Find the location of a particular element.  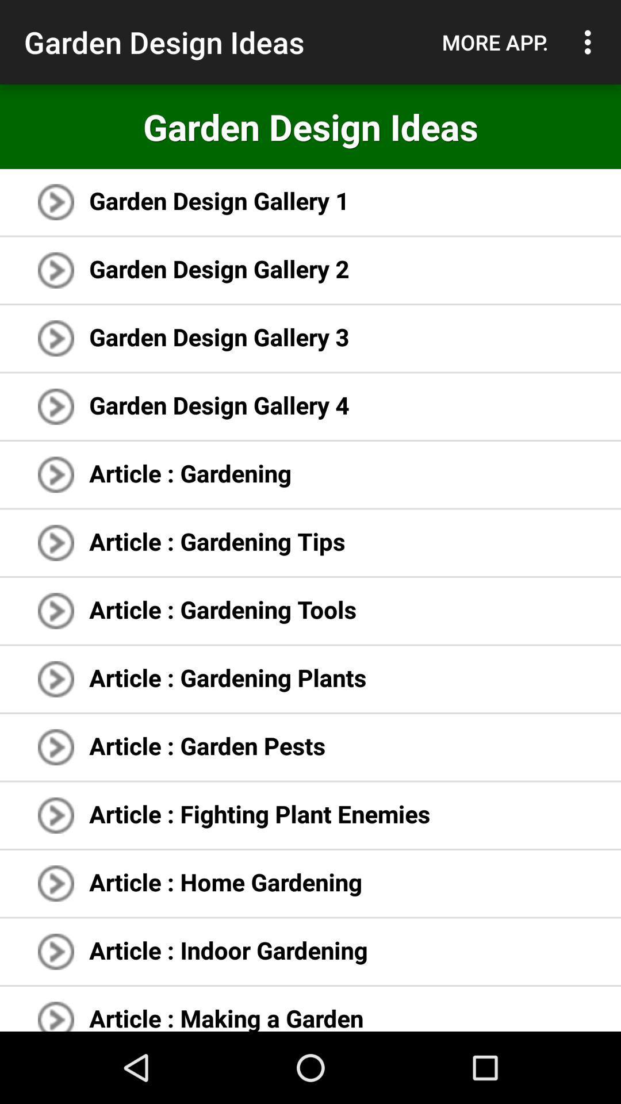

more app. icon is located at coordinates (494, 42).